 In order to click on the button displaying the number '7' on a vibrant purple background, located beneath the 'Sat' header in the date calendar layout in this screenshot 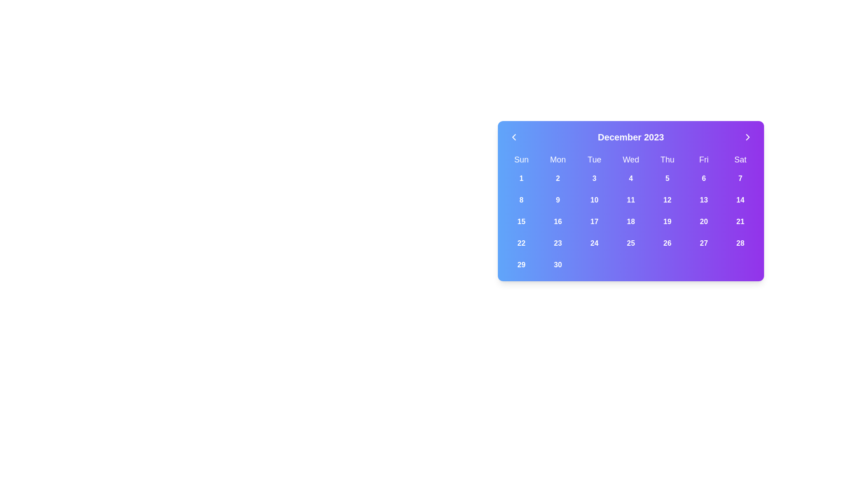, I will do `click(740, 179)`.